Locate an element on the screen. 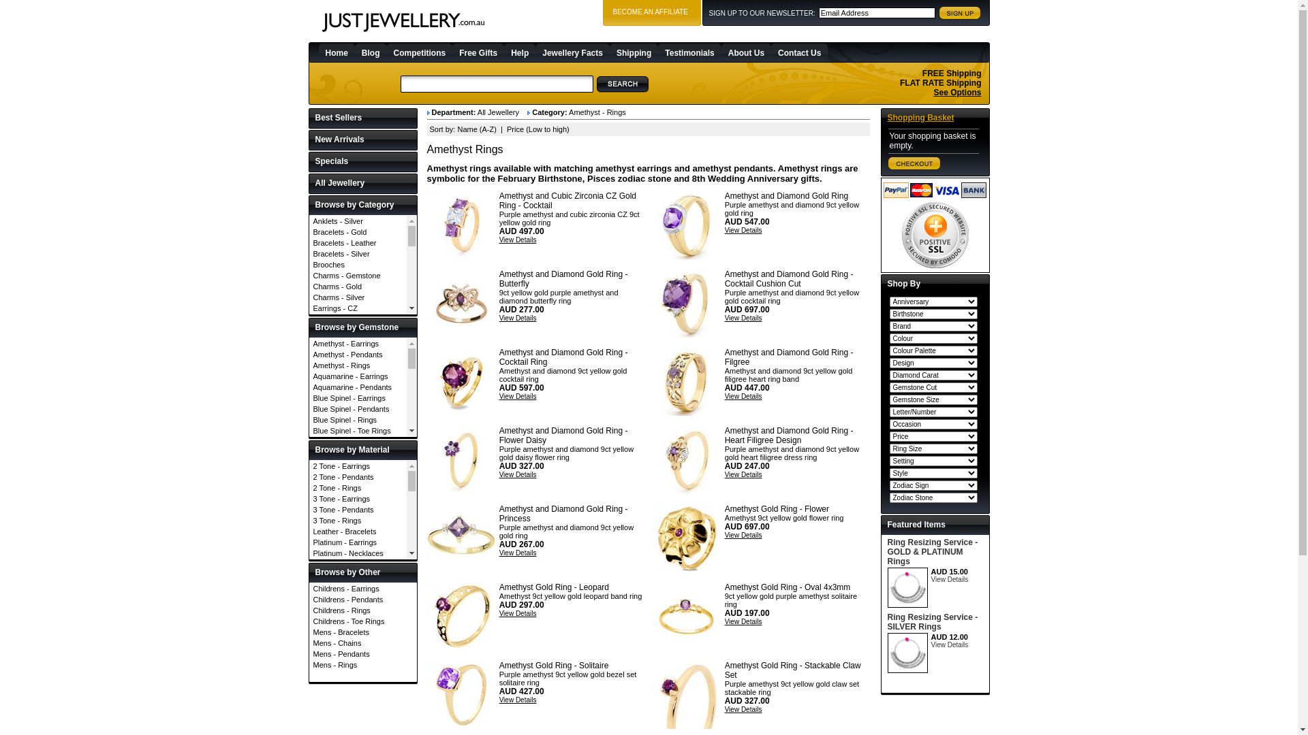 This screenshot has width=1308, height=735. 'Earrings - Gemstone' is located at coordinates (309, 330).